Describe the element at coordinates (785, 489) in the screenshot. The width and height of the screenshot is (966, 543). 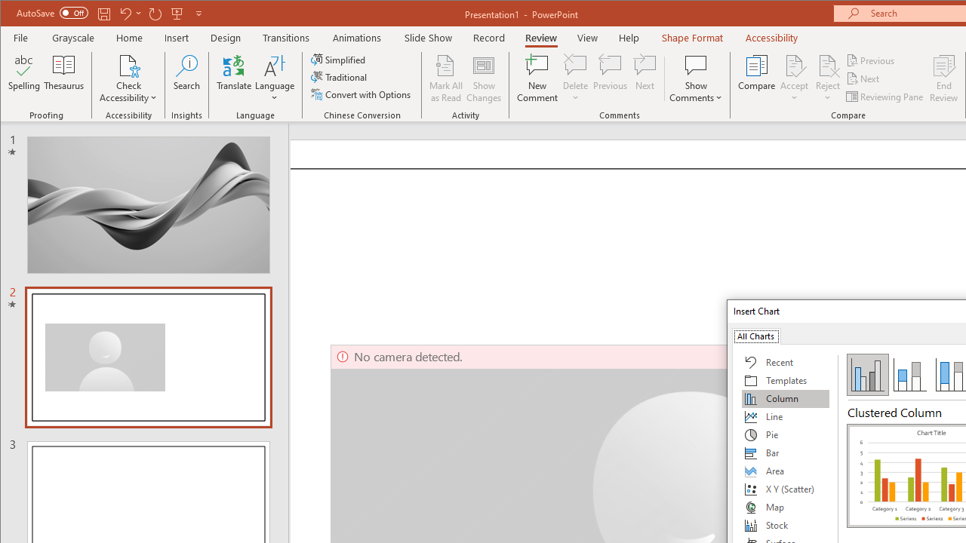
I see `'X Y (Scatter)'` at that location.